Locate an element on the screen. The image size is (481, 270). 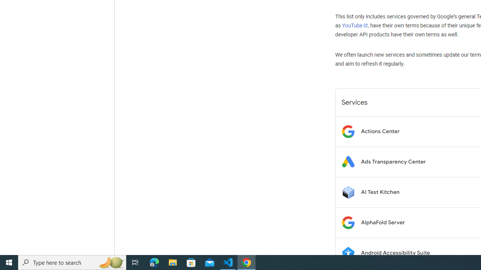
'Logo for Android Accessibility Suite' is located at coordinates (348, 253).